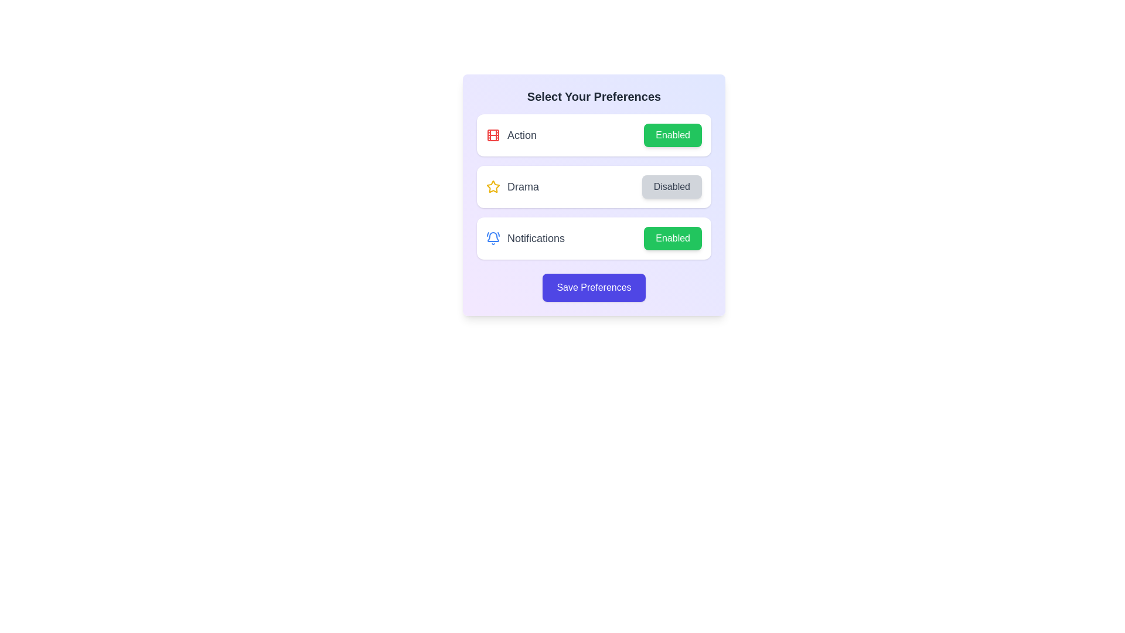 This screenshot has height=633, width=1125. I want to click on 'Save Preferences' button to save the current preferences, so click(594, 287).